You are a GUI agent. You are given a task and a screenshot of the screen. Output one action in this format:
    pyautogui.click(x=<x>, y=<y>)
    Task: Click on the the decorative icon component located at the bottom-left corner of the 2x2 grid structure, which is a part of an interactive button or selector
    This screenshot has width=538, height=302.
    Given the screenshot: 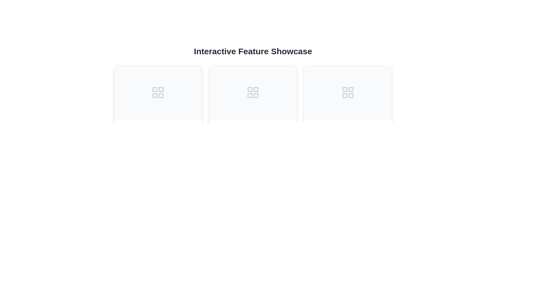 What is the action you would take?
    pyautogui.click(x=250, y=95)
    